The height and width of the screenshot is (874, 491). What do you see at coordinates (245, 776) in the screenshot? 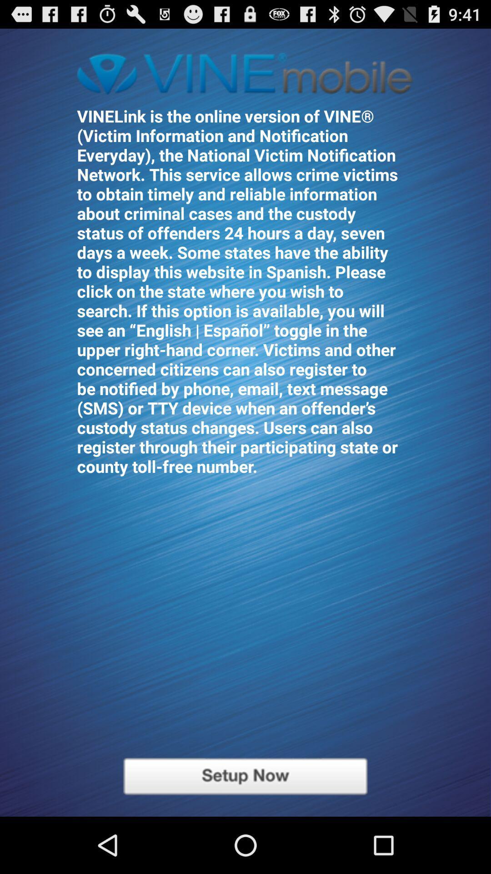
I see `item below the vinelink is the icon` at bounding box center [245, 776].